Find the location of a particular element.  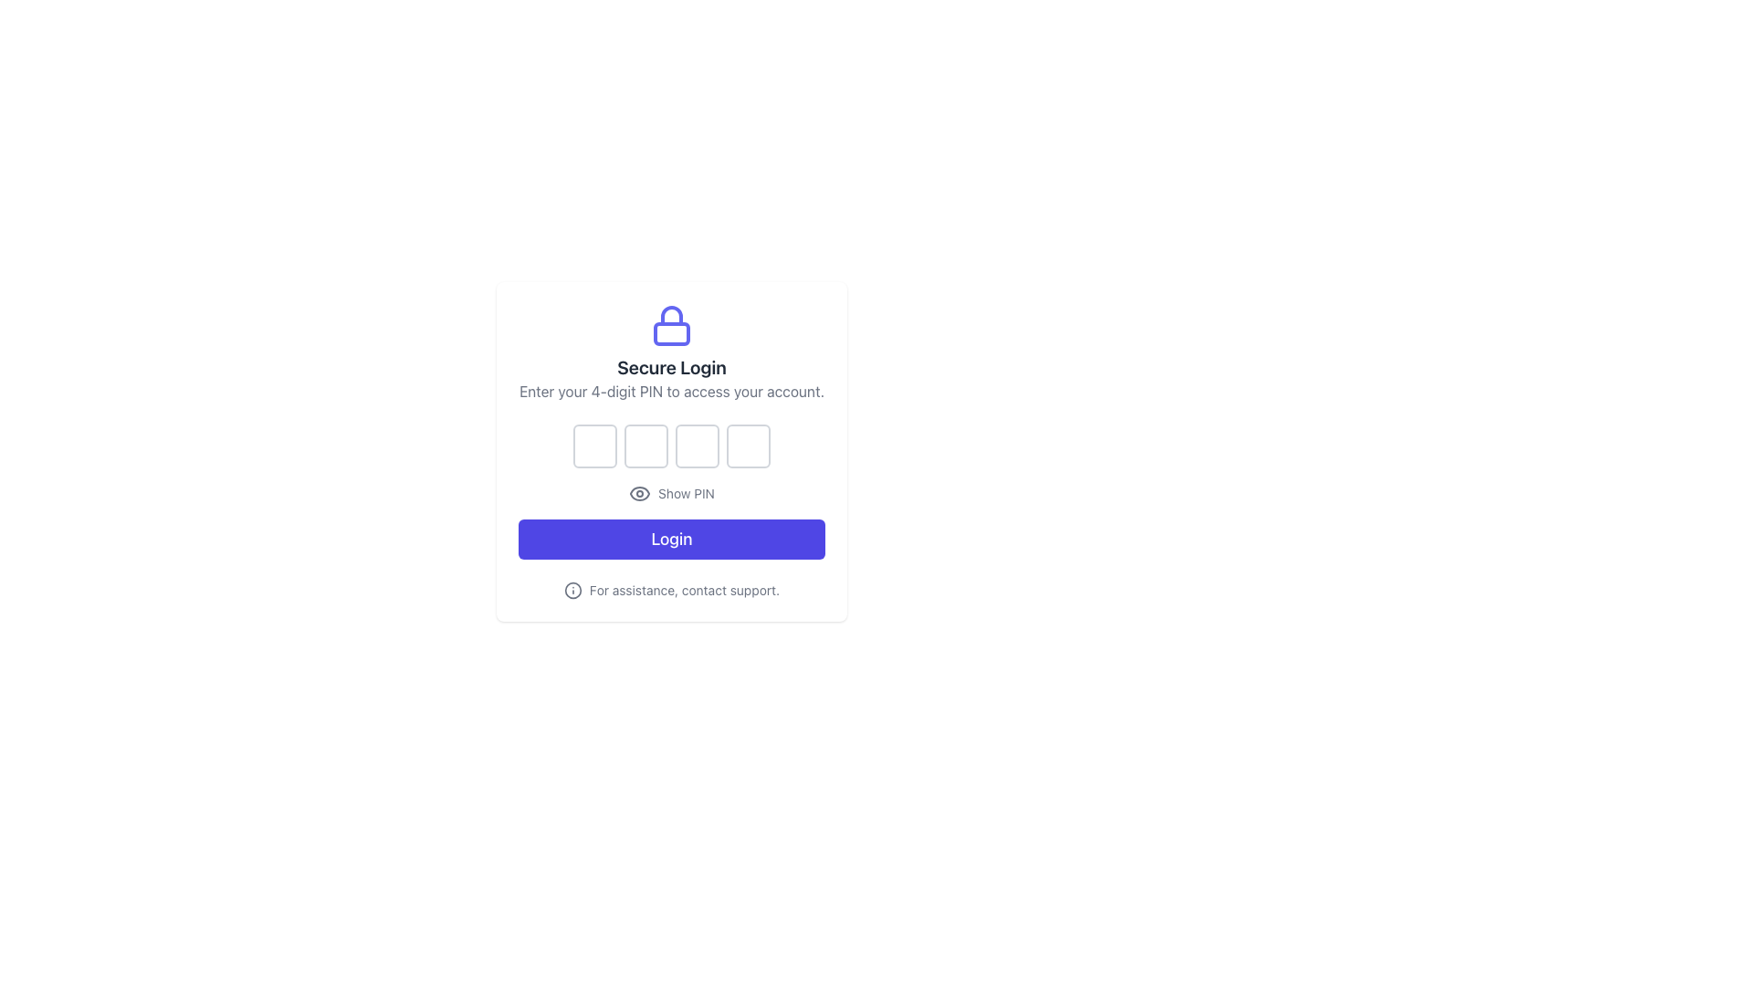

informational text with an icon that directs users to contact support for help, positioned below the 'Login' button in the card layout is located at coordinates (670, 591).